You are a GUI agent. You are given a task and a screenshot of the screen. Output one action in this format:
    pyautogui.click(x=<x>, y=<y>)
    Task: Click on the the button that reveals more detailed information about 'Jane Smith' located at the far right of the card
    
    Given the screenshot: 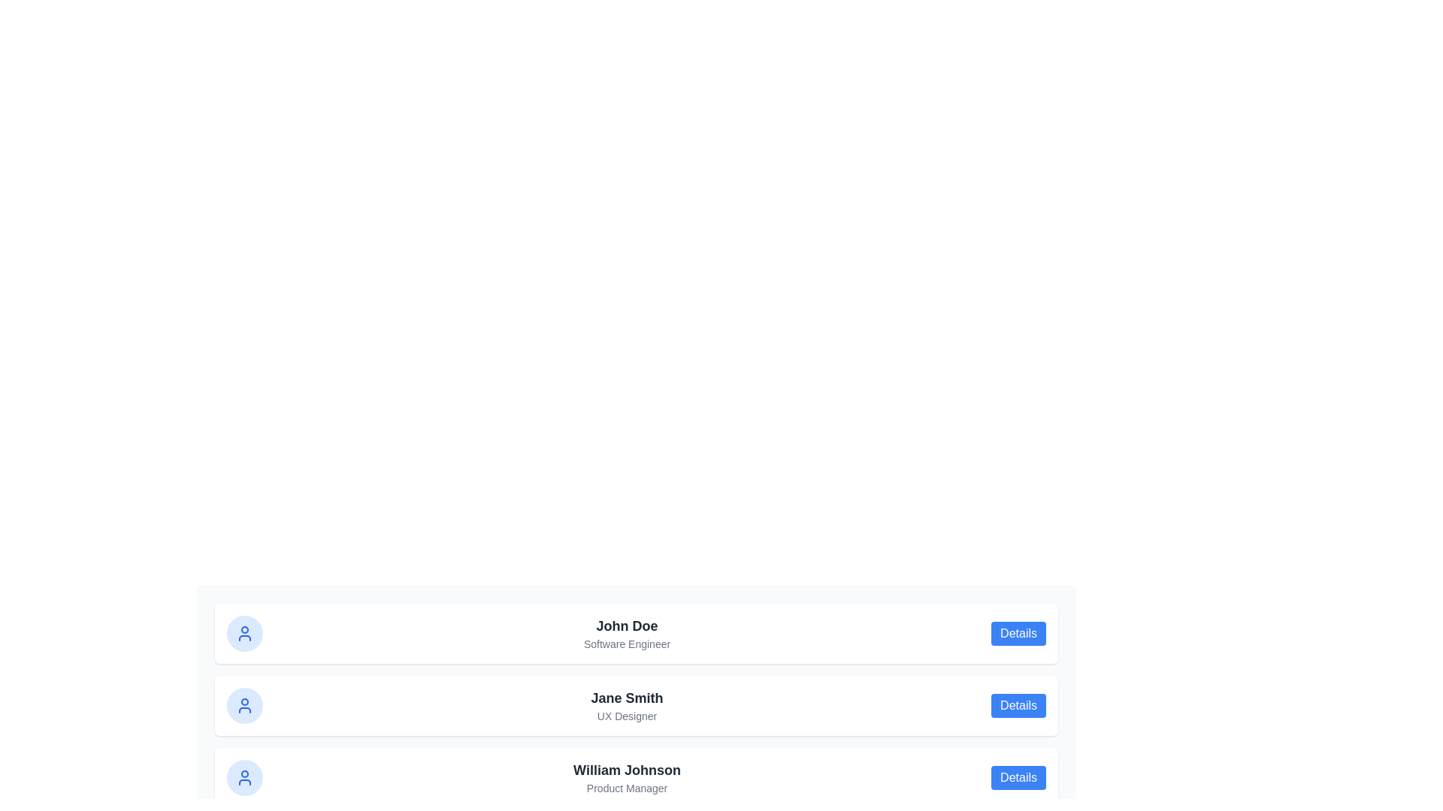 What is the action you would take?
    pyautogui.click(x=1018, y=706)
    